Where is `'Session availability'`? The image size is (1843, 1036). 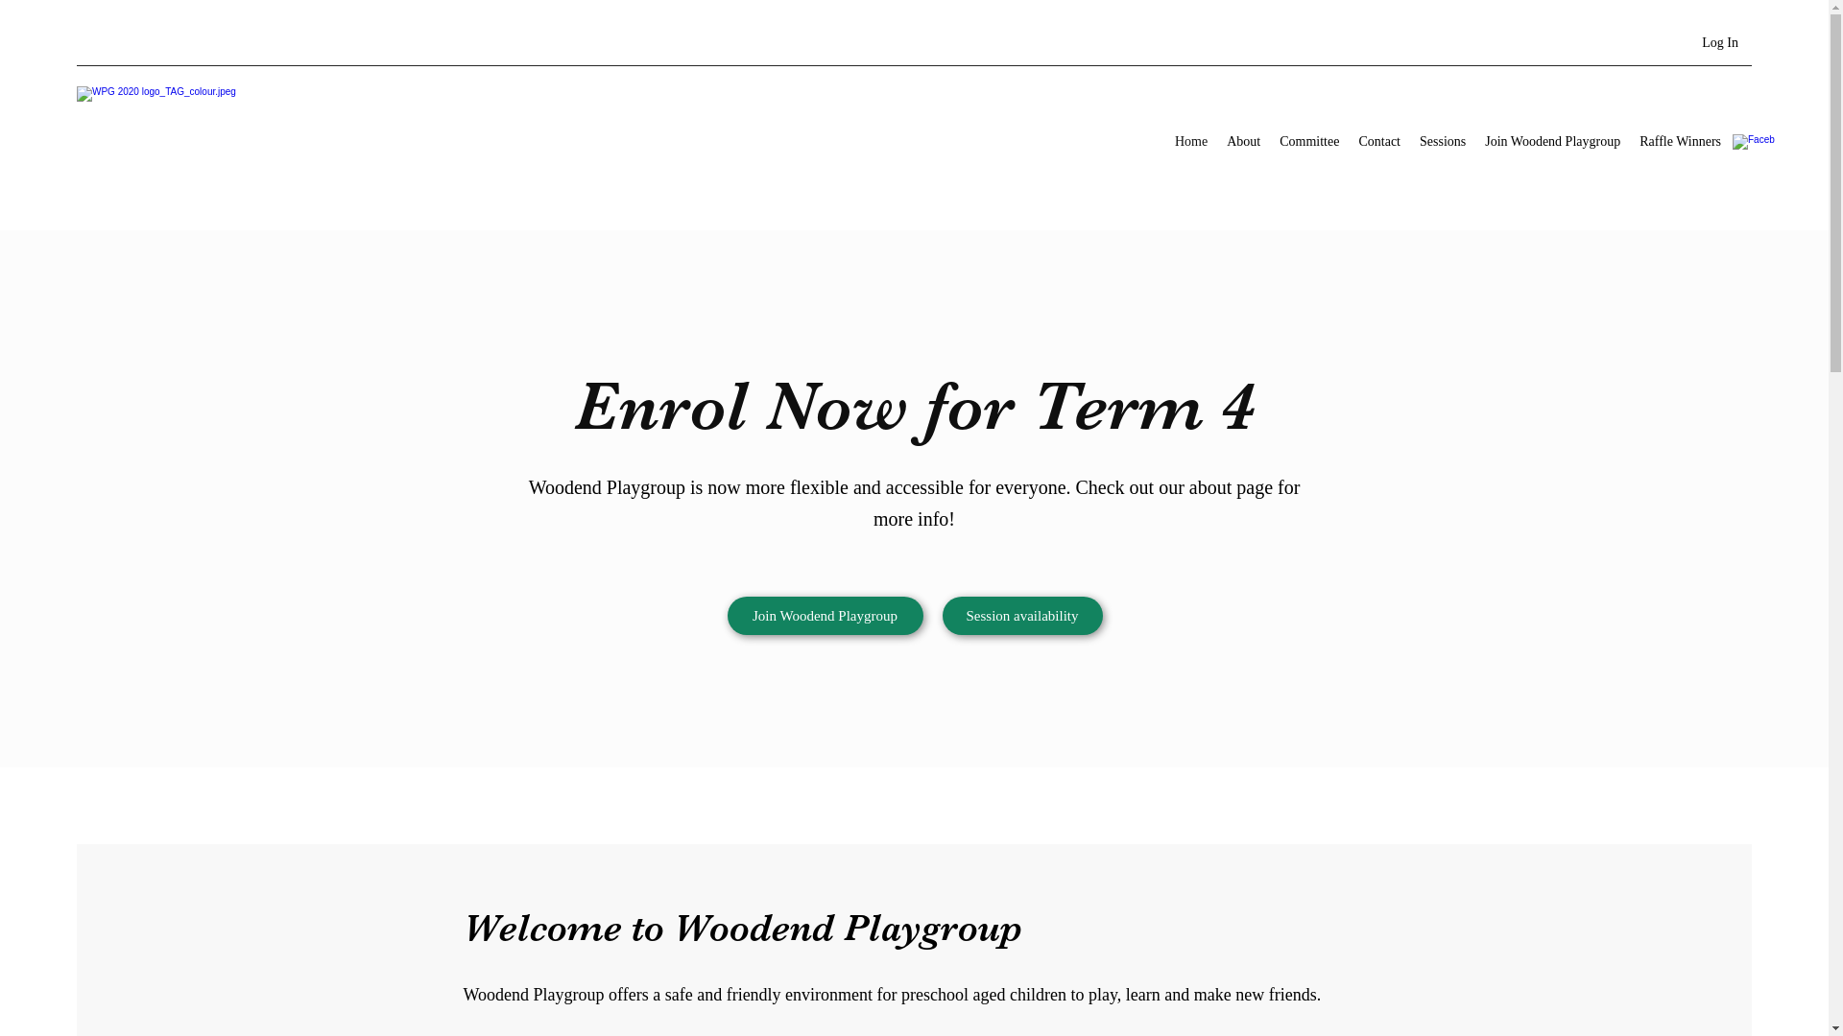 'Session availability' is located at coordinates (1021, 615).